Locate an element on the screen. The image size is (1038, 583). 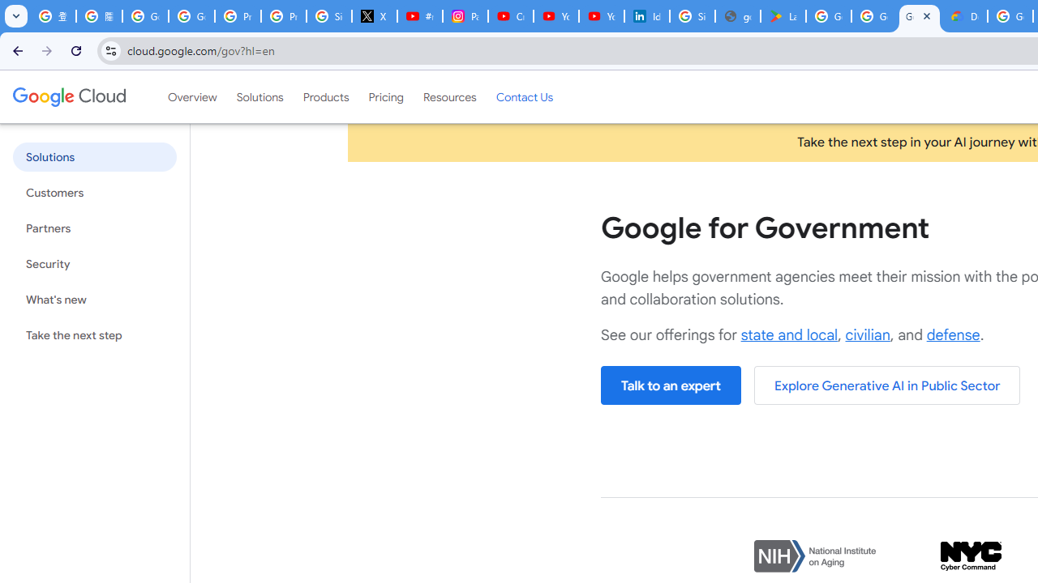
'Google Cloud' is located at coordinates (68, 96).